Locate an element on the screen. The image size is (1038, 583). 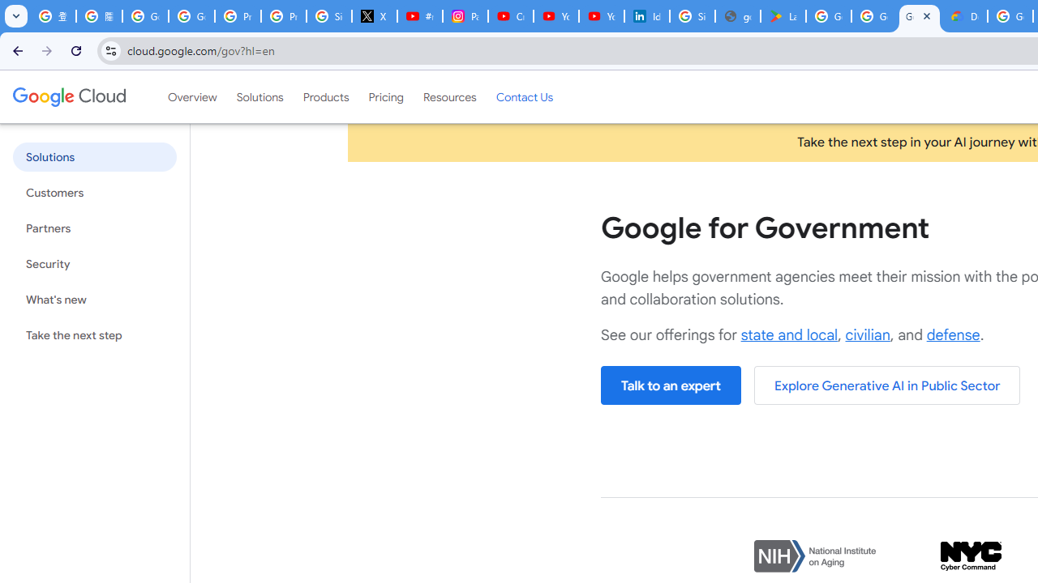
'Google Cloud' is located at coordinates (68, 96).